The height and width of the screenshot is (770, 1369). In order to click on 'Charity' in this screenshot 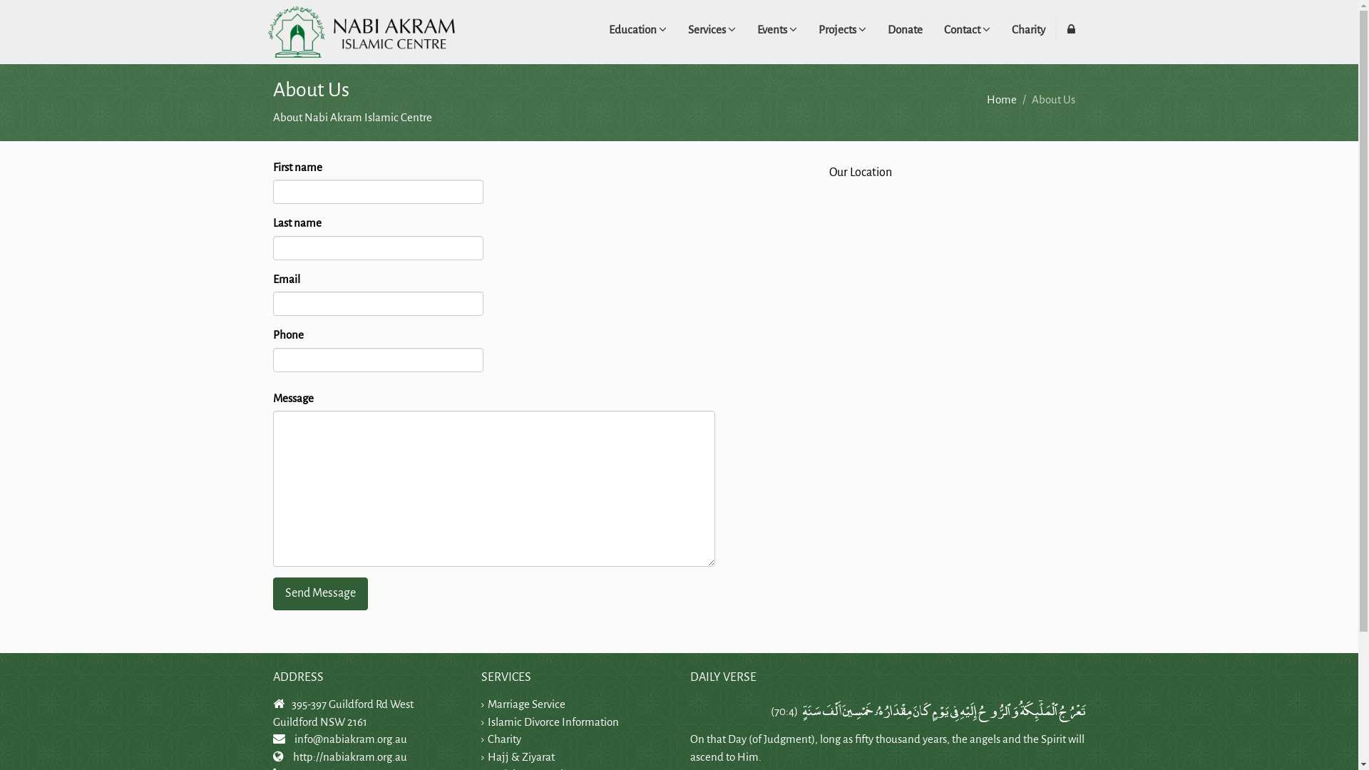, I will do `click(504, 738)`.